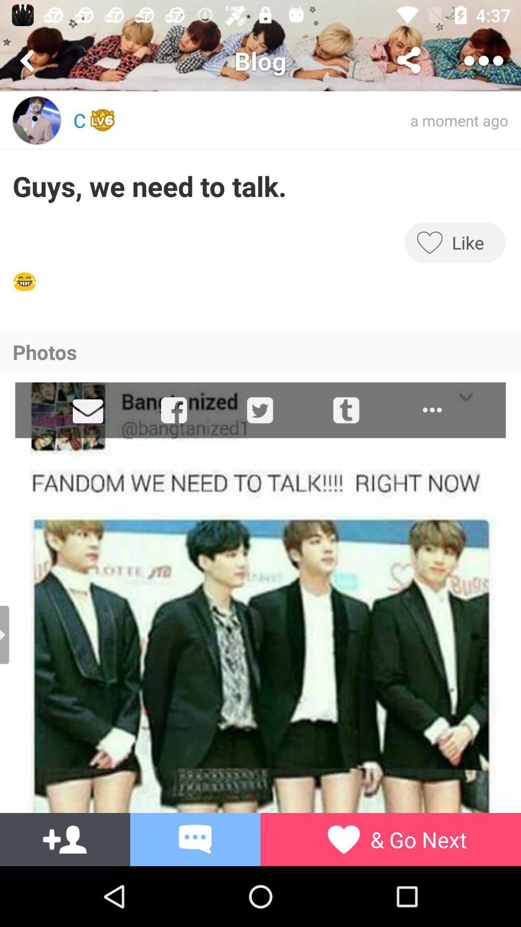  Describe the element at coordinates (65, 839) in the screenshot. I see `the group icon` at that location.